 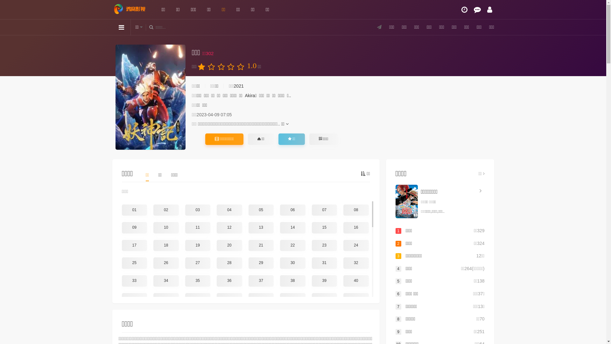 What do you see at coordinates (280, 281) in the screenshot?
I see `'38'` at bounding box center [280, 281].